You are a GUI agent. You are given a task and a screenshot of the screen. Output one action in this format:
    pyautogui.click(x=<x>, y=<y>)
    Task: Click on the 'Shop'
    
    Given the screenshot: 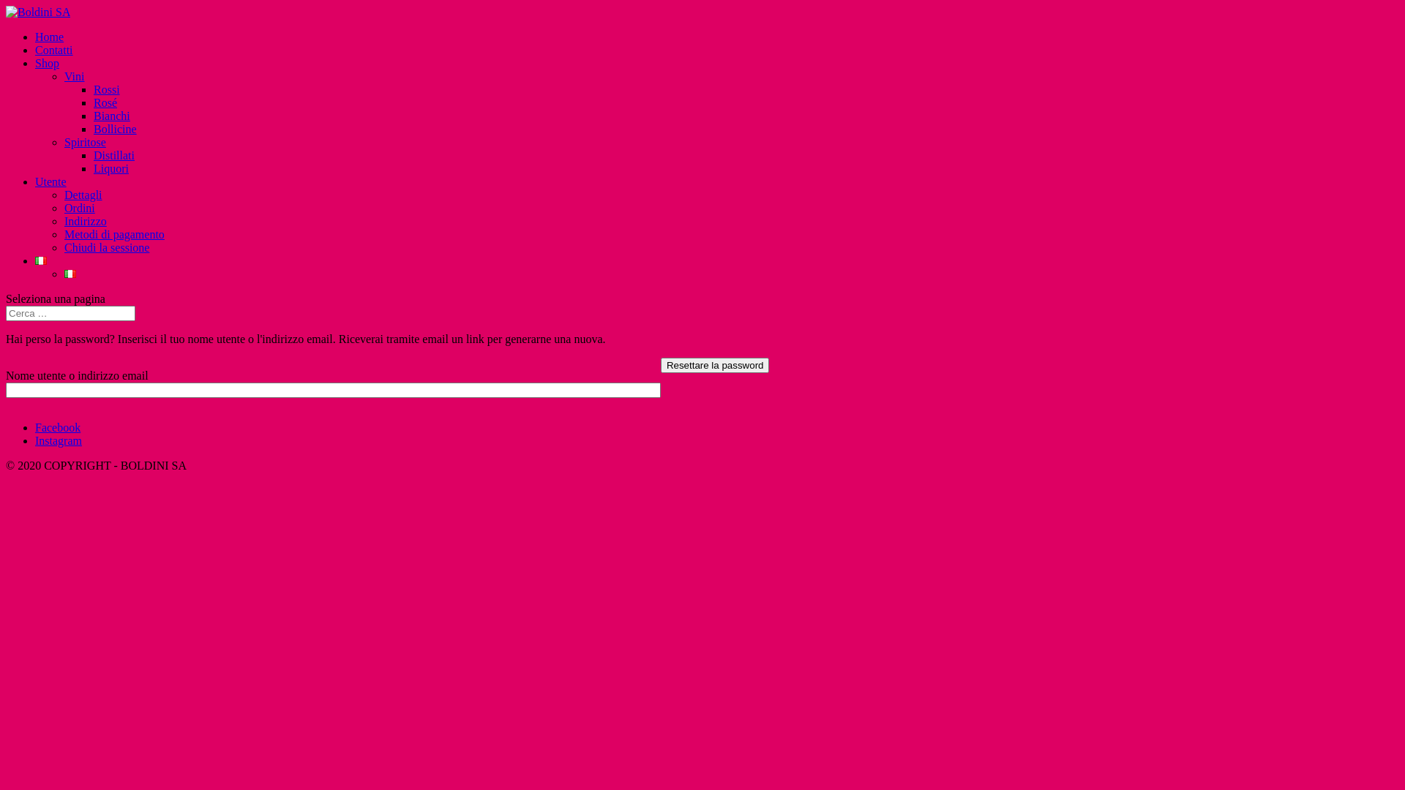 What is the action you would take?
    pyautogui.click(x=47, y=62)
    